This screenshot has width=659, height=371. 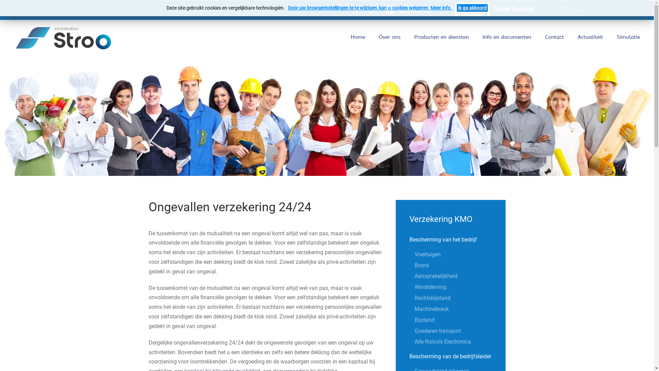 I want to click on 'Home', so click(x=357, y=37).